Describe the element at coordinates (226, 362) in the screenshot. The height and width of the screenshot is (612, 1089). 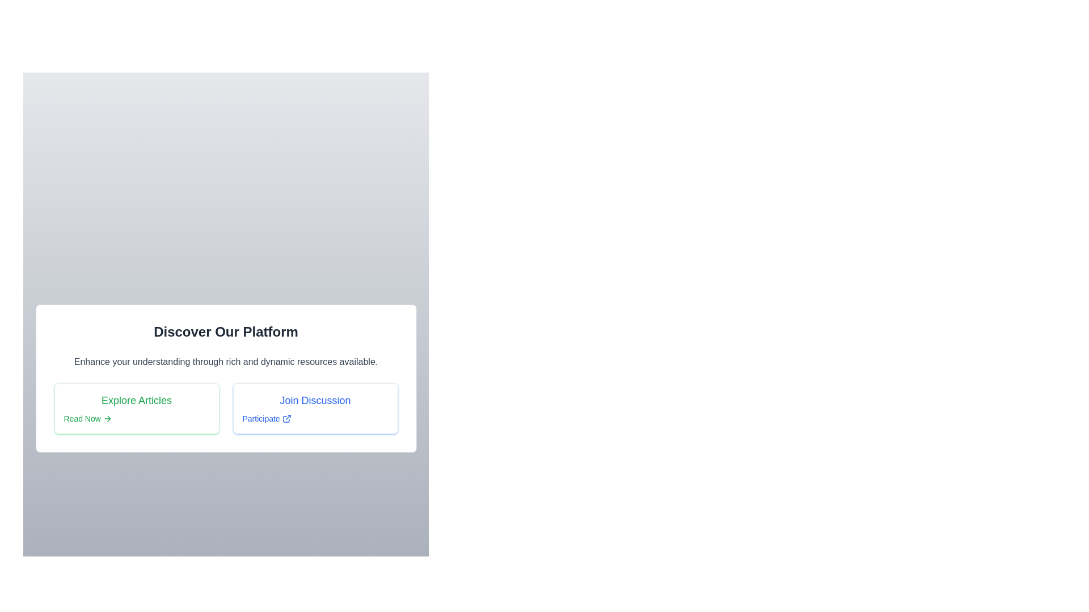
I see `the text element displaying 'Enhance your understanding through rich and dynamic resources available.' which is located below the header 'Discover Our Platform' and above the options grid` at that location.